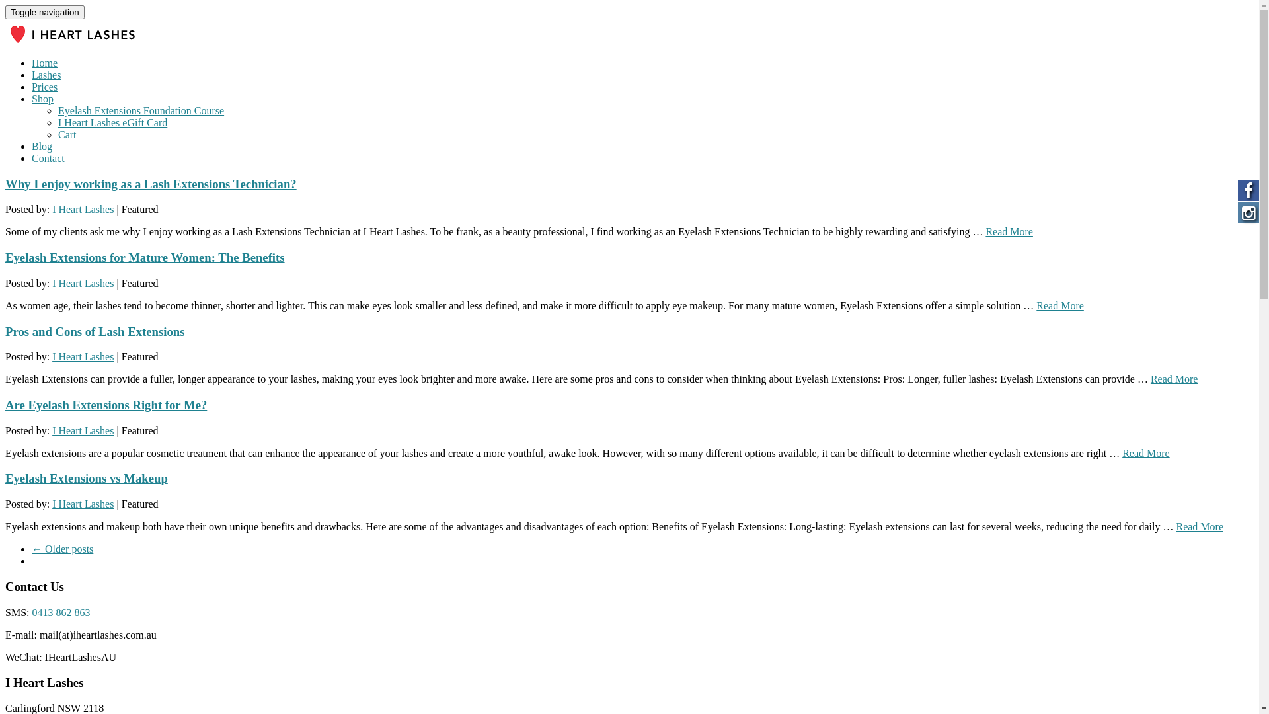 This screenshot has height=714, width=1269. What do you see at coordinates (48, 157) in the screenshot?
I see `'Contact'` at bounding box center [48, 157].